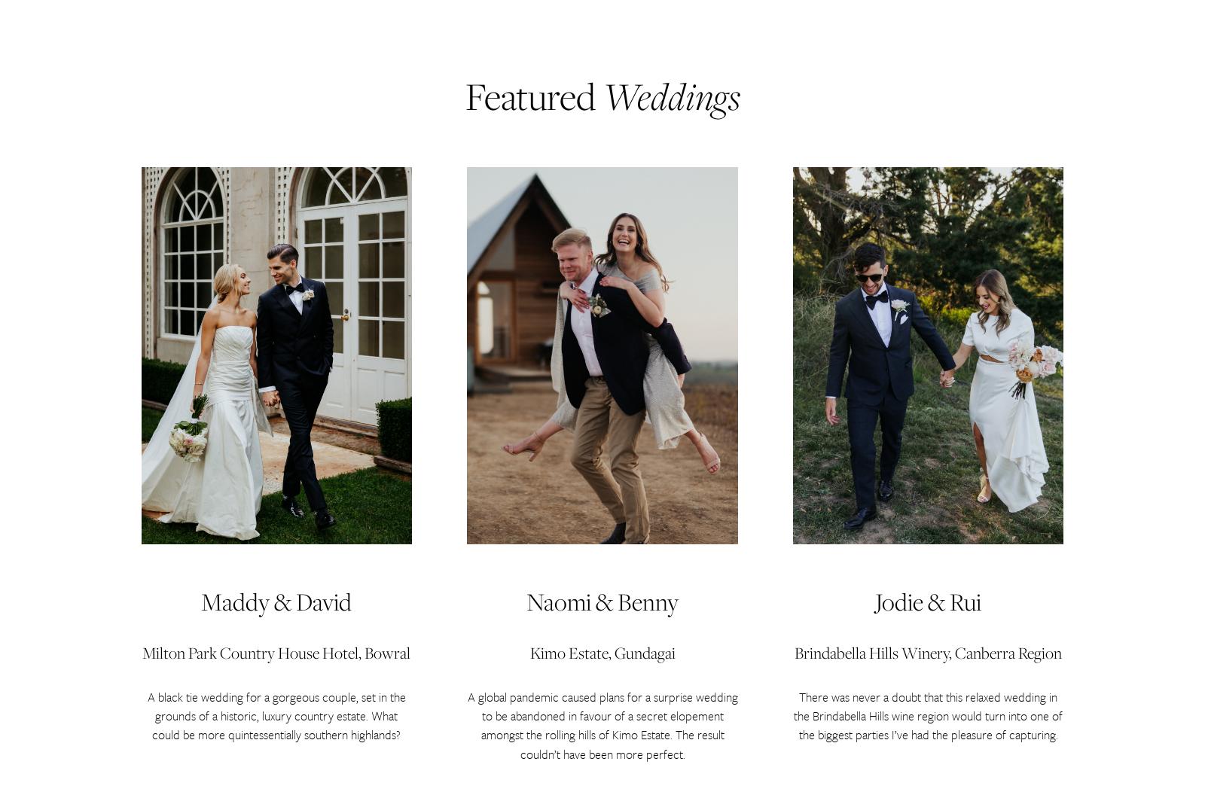 The image size is (1205, 801). I want to click on 'Jodie & Rui', so click(874, 601).